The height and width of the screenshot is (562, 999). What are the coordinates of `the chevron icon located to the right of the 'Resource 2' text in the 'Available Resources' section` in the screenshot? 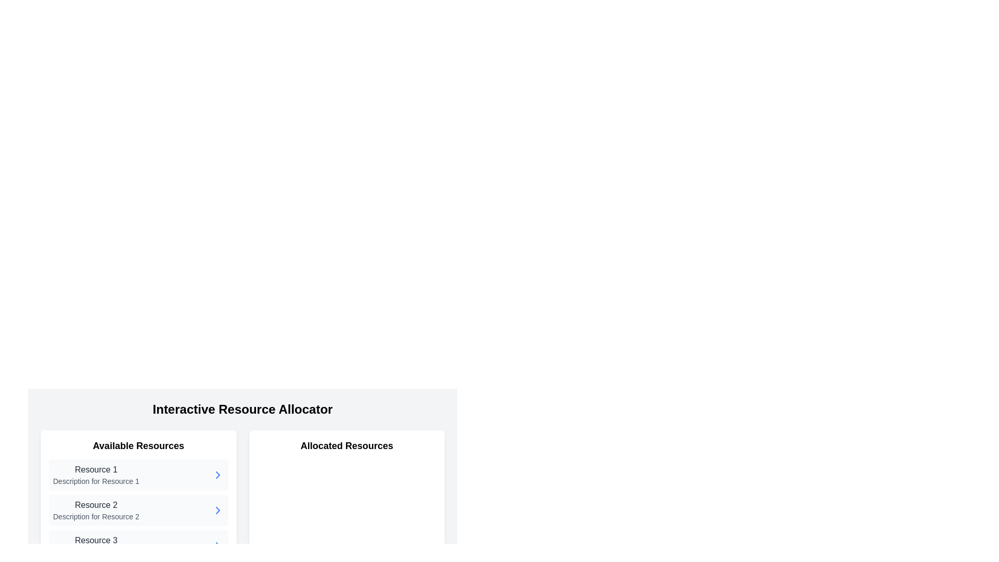 It's located at (217, 509).